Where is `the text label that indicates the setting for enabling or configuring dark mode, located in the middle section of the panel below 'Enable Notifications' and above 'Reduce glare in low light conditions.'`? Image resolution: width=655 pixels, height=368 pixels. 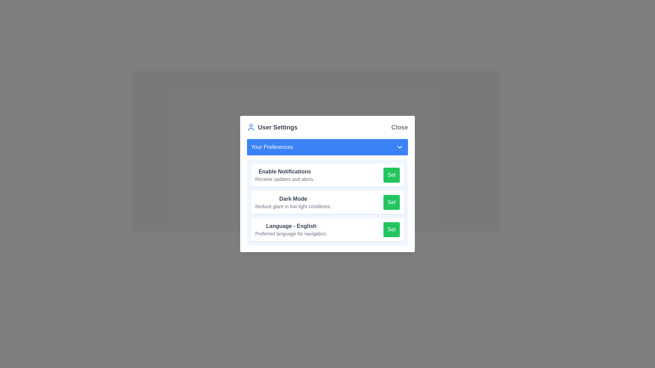
the text label that indicates the setting for enabling or configuring dark mode, located in the middle section of the panel below 'Enable Notifications' and above 'Reduce glare in low light conditions.' is located at coordinates (293, 199).